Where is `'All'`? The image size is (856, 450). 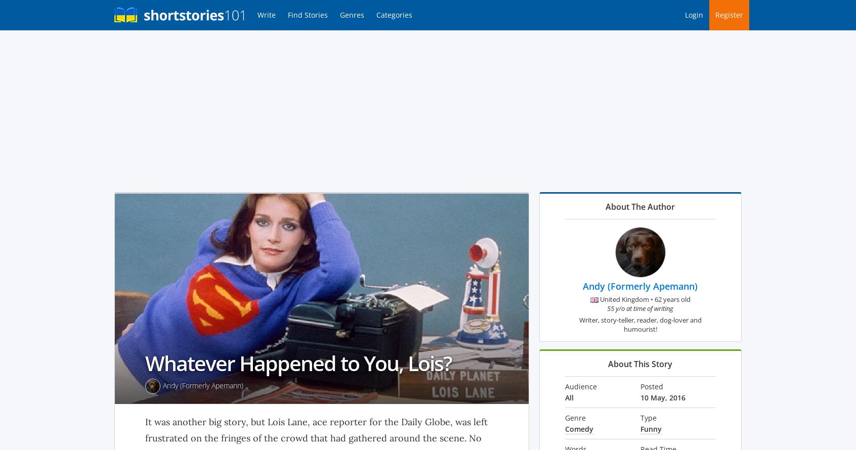
'All' is located at coordinates (569, 397).